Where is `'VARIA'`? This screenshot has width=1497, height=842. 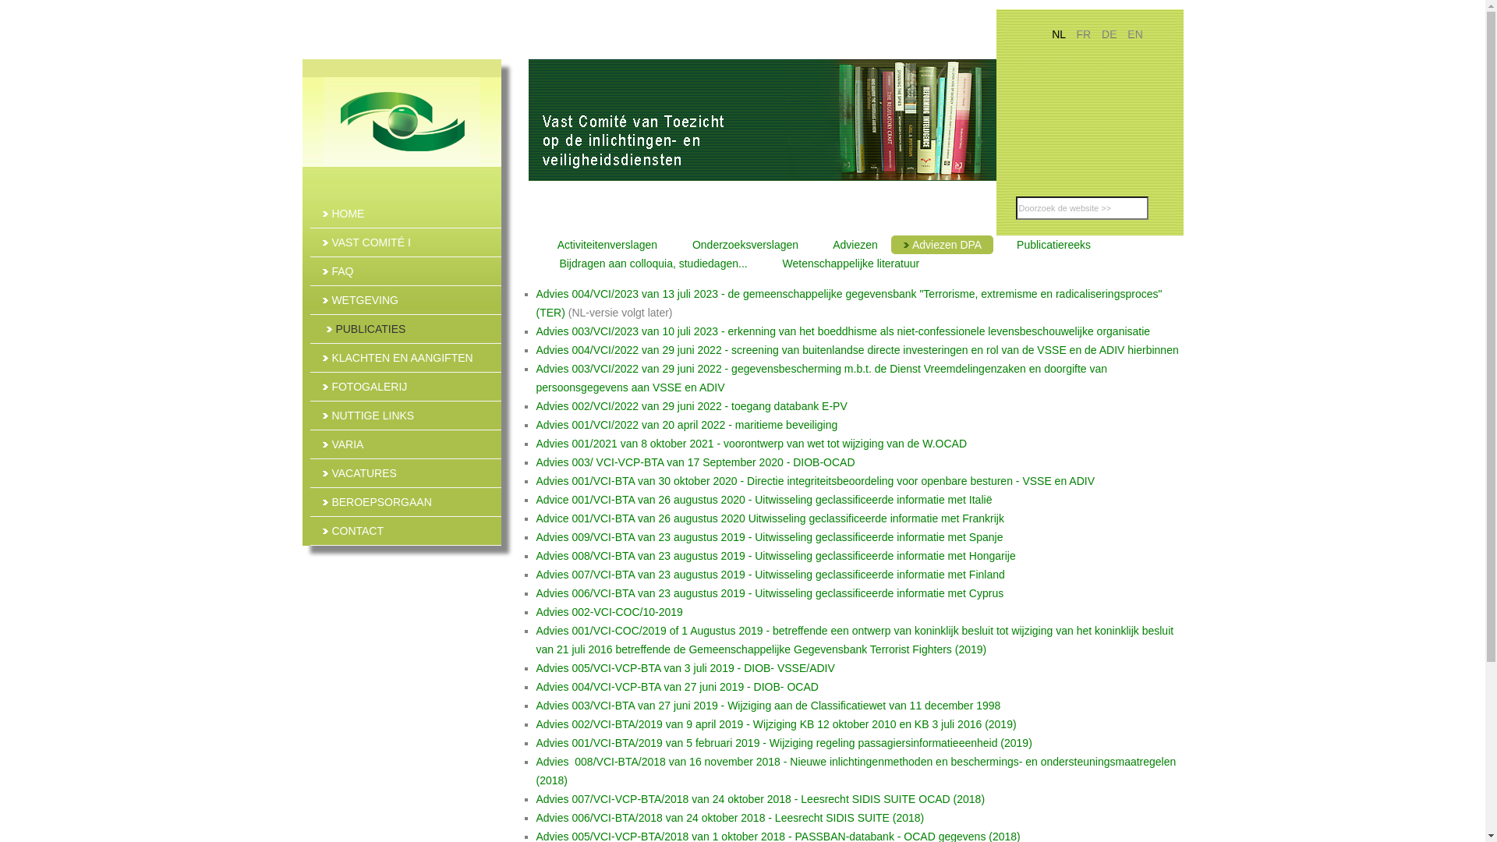 'VARIA' is located at coordinates (405, 444).